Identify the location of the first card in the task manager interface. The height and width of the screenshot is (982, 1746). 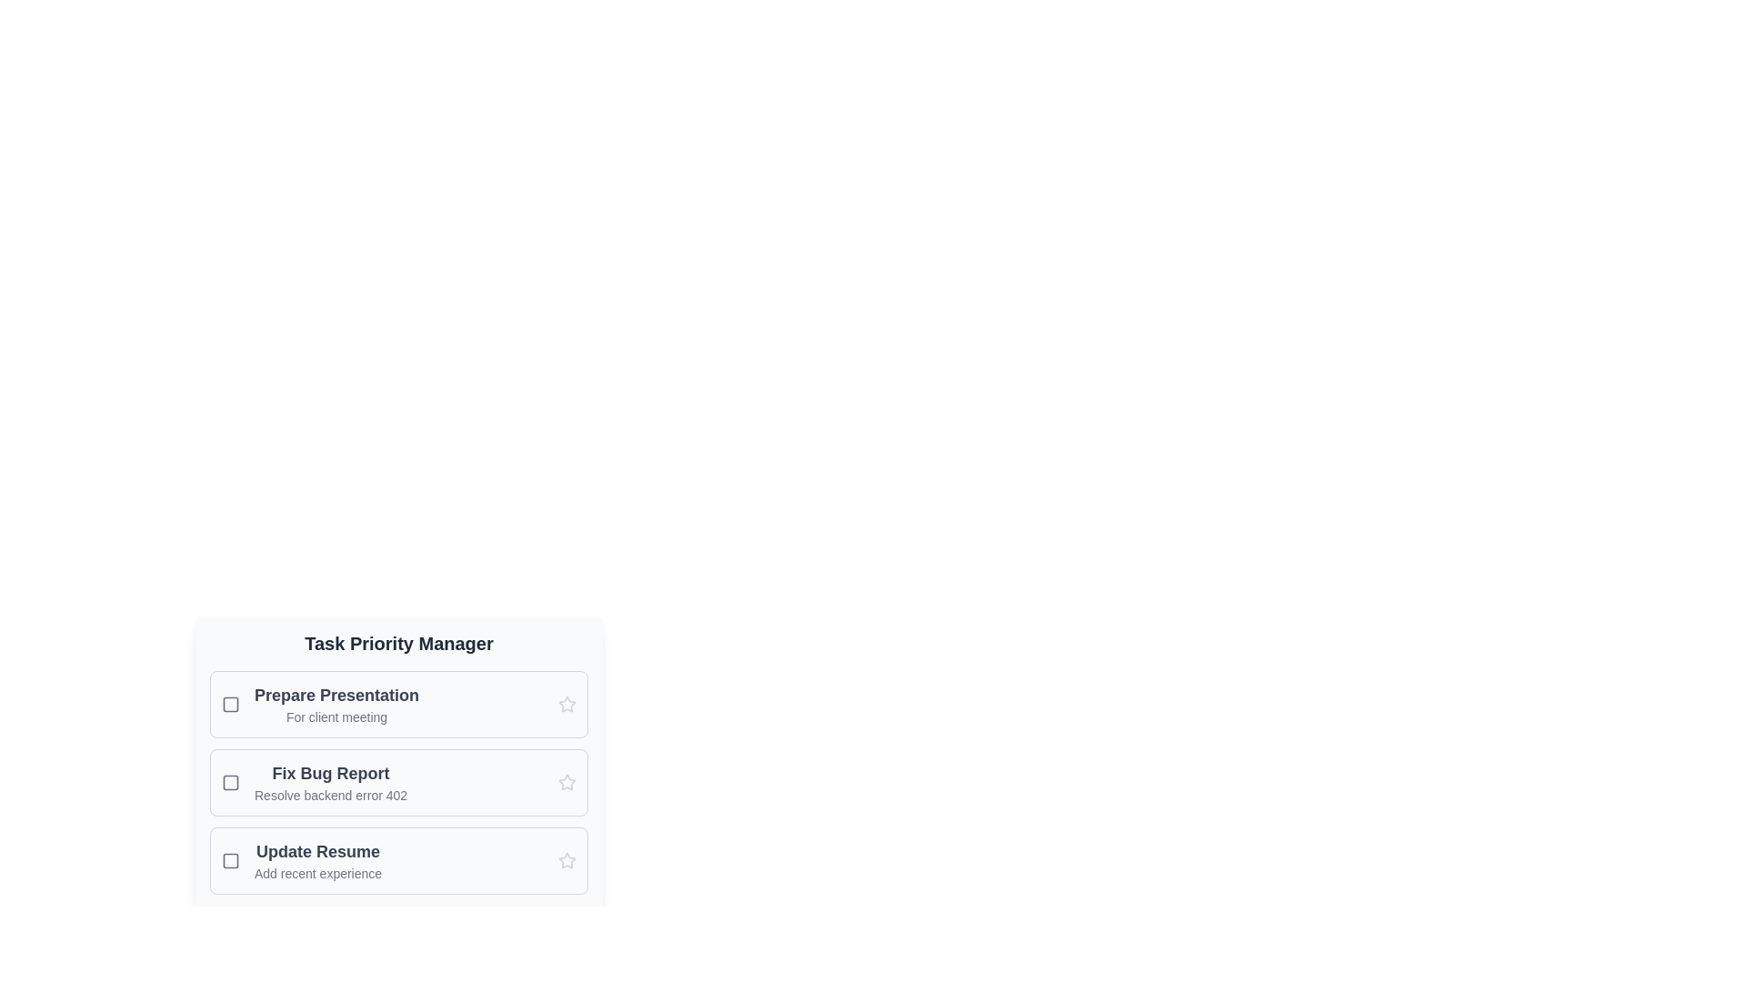
(397, 704).